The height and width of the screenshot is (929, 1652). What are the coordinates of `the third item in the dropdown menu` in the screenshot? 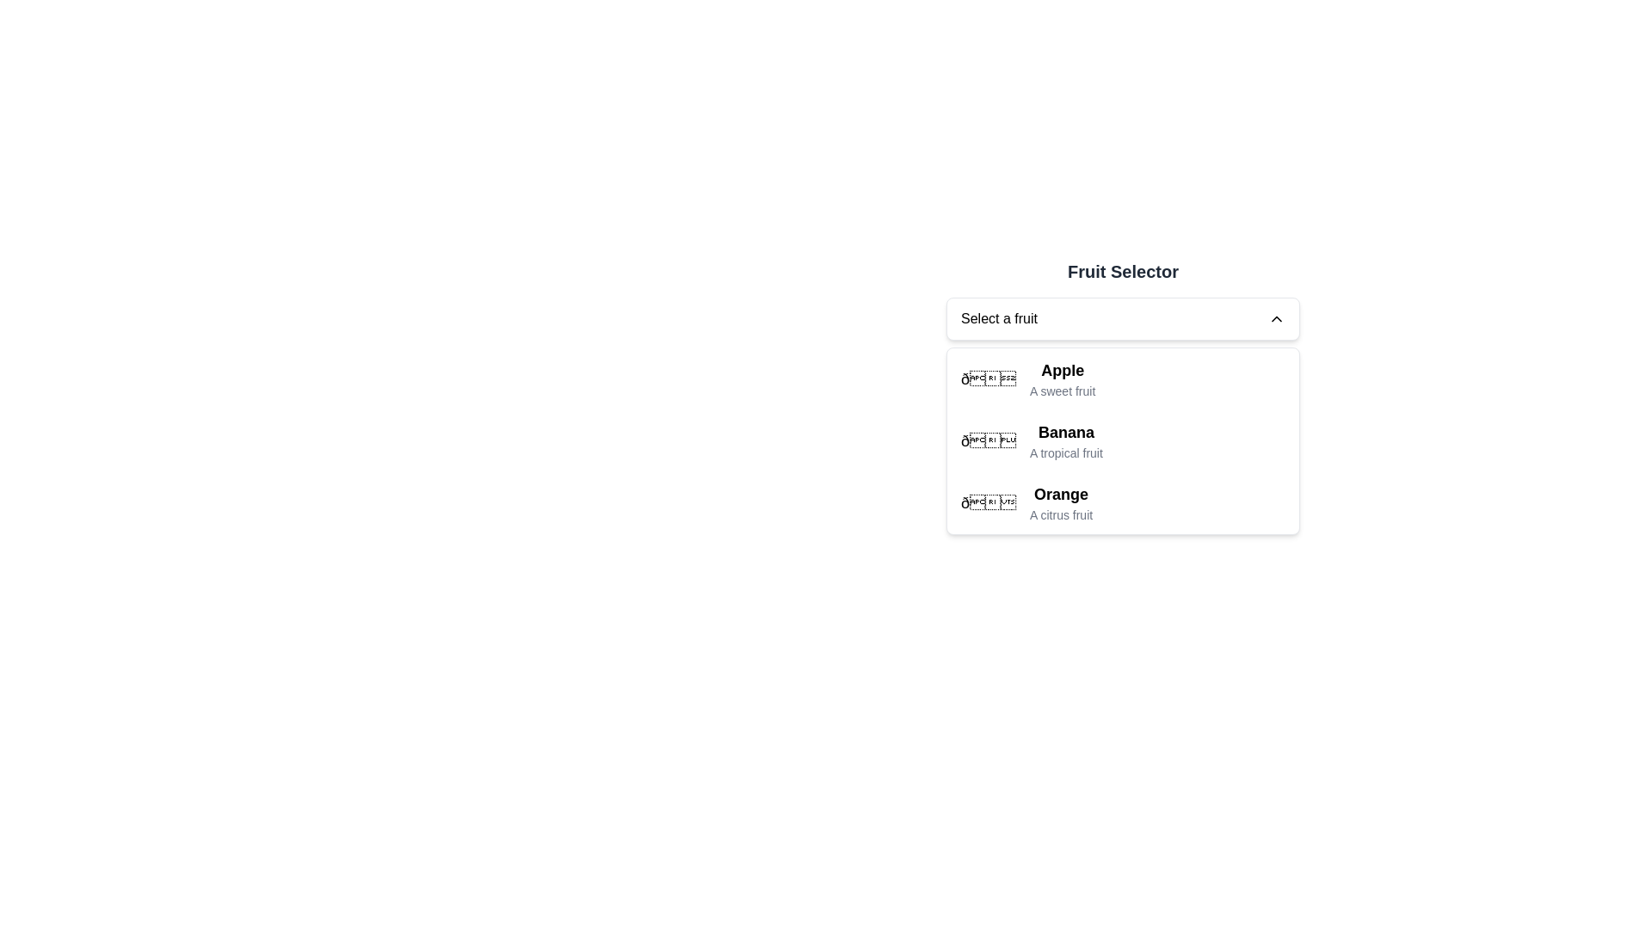 It's located at (1123, 503).